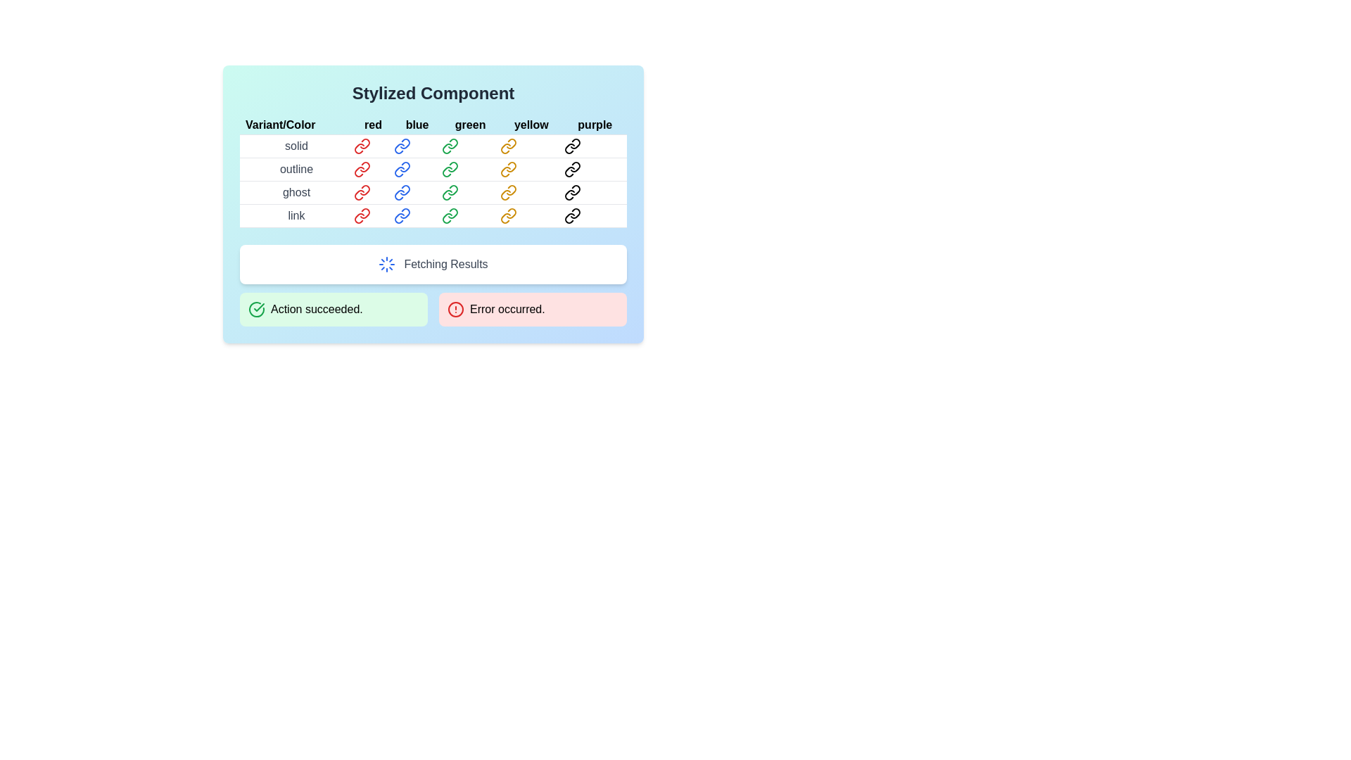  What do you see at coordinates (362, 216) in the screenshot?
I see `the red chain icon hyperlink located in the table under the 'Stylized Component' heading for the 'link' variant` at bounding box center [362, 216].